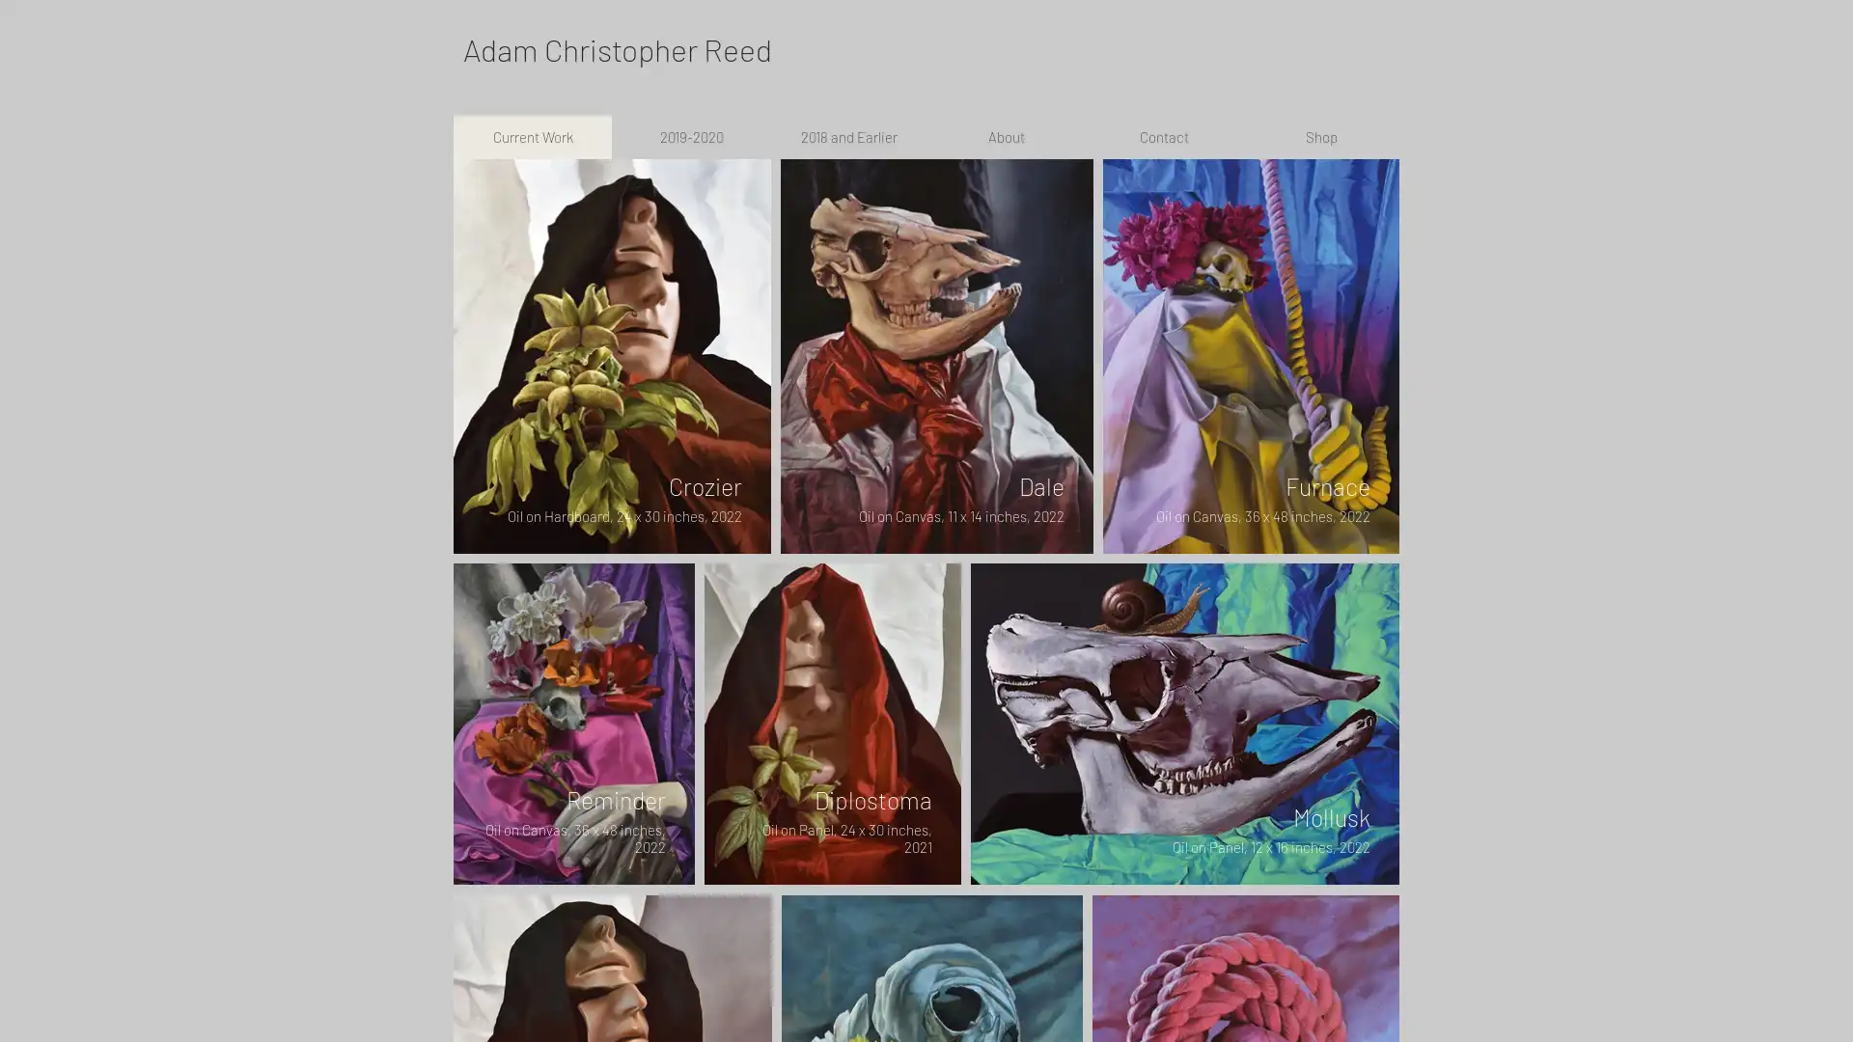 This screenshot has width=1853, height=1042. I want to click on 202201002---Furnace.jpg, so click(1251, 356).